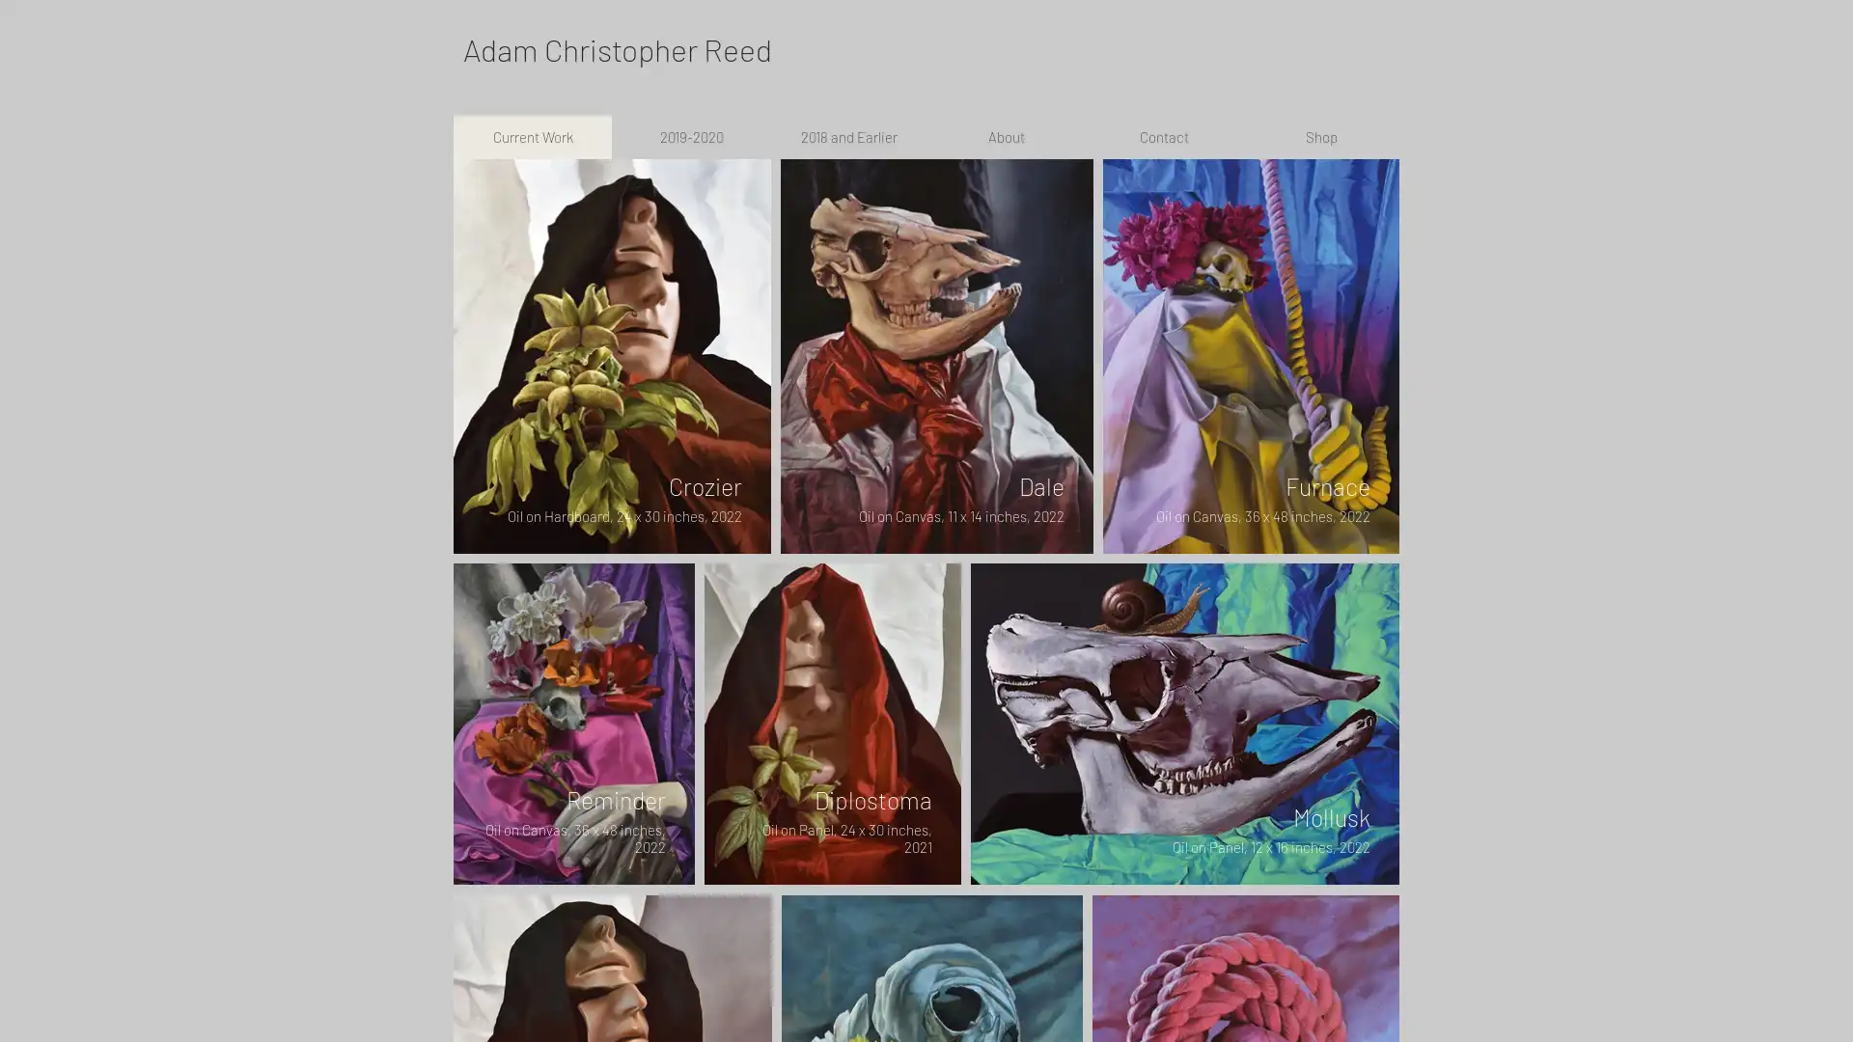 This screenshot has width=1853, height=1042. I want to click on 202201002---Furnace.jpg, so click(1251, 356).